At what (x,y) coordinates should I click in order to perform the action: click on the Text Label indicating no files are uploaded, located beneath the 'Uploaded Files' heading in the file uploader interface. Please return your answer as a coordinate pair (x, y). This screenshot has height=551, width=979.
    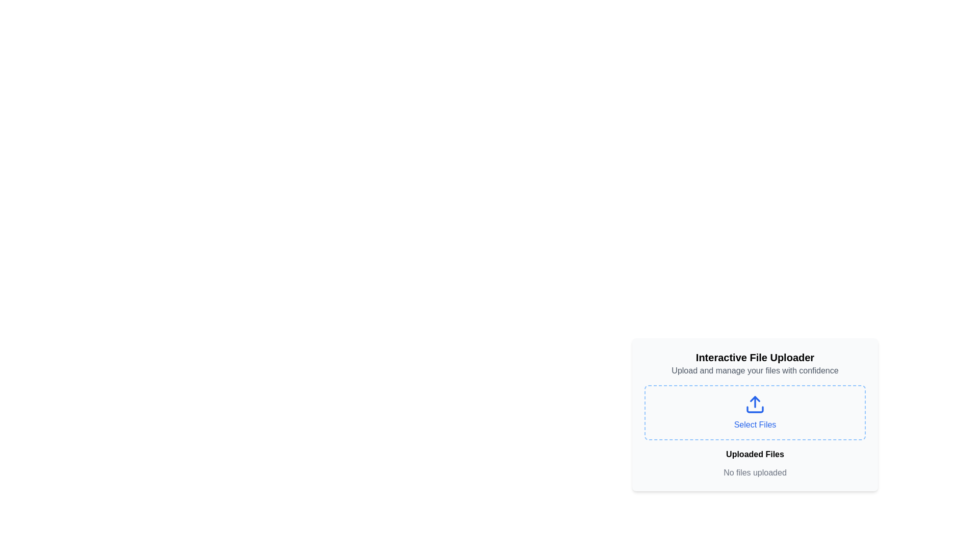
    Looking at the image, I should click on (755, 472).